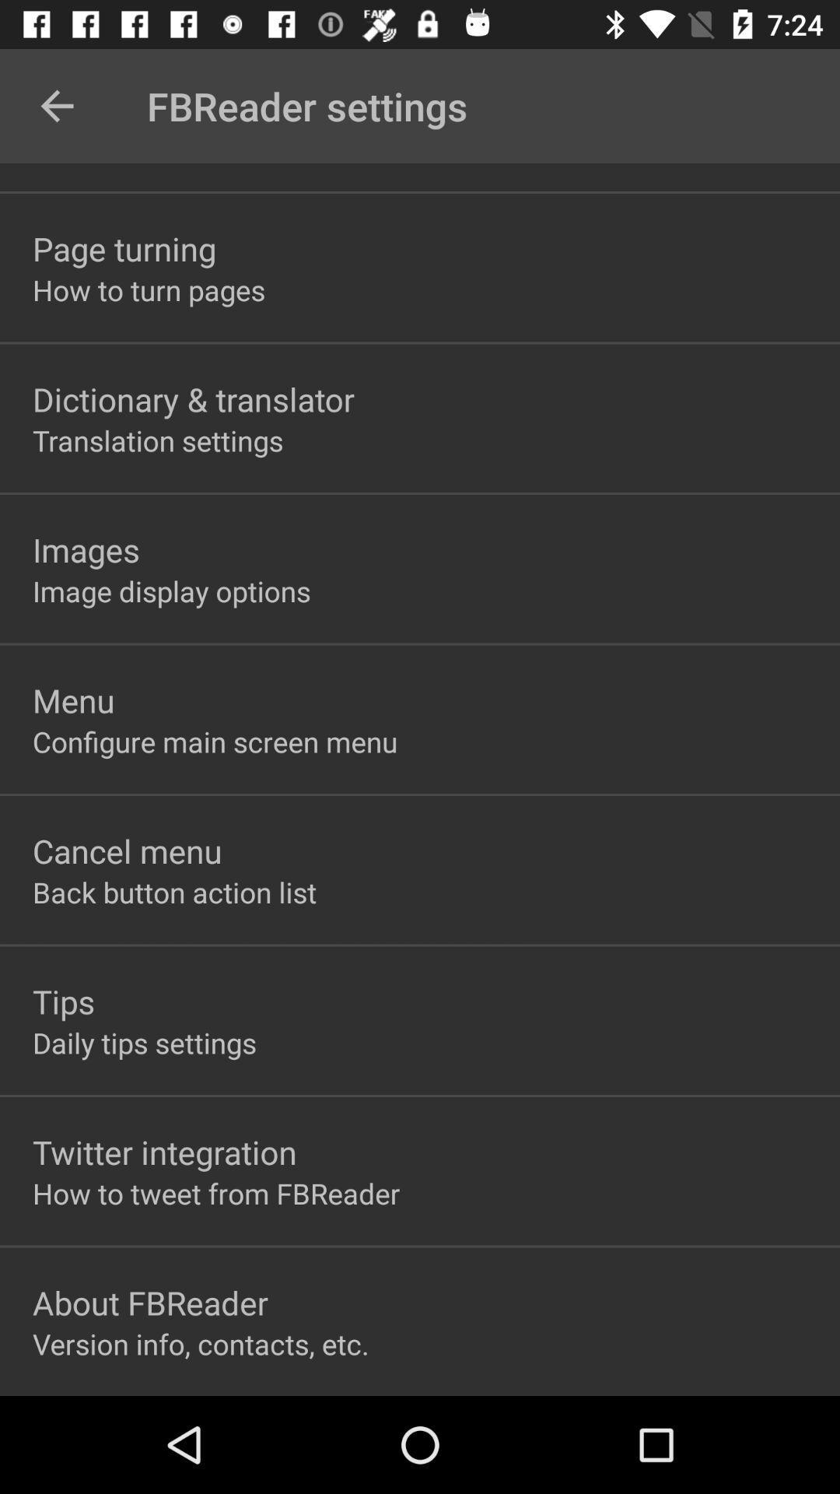 Image resolution: width=840 pixels, height=1494 pixels. I want to click on the icon below the cancel menu, so click(174, 892).